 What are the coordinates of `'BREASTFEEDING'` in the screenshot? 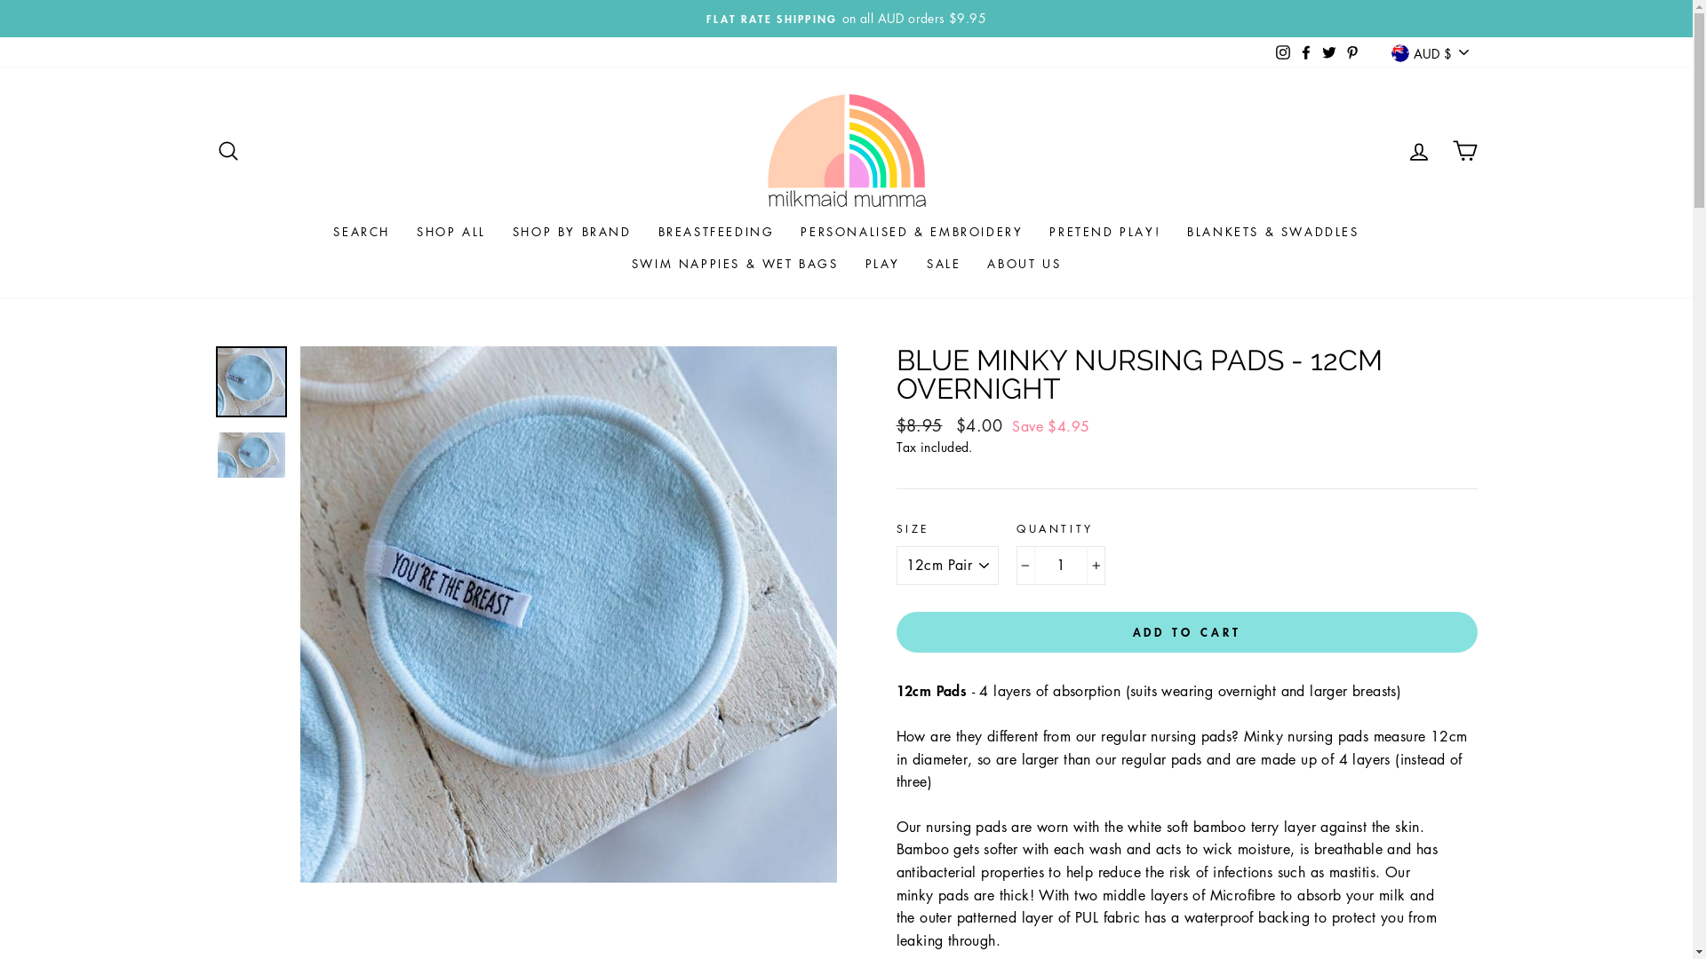 It's located at (643, 231).